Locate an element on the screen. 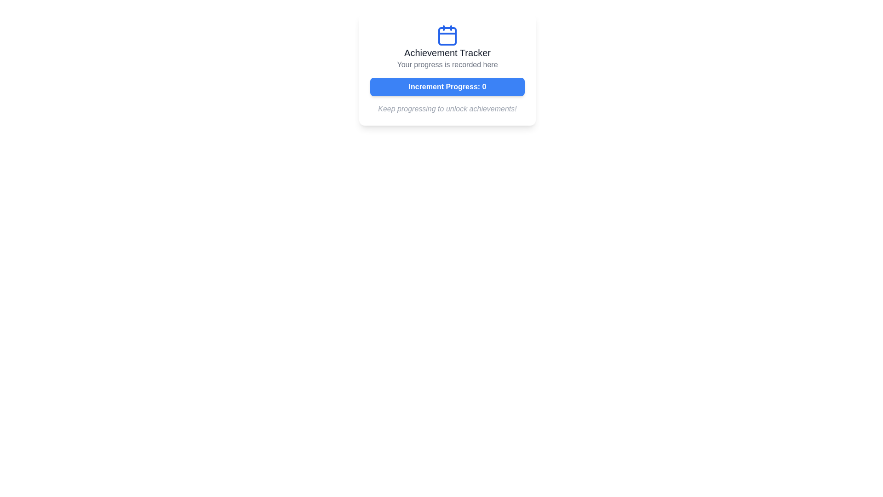 The width and height of the screenshot is (883, 497). the Text label that provides descriptive information about the progress recording, located directly below the 'Achievement Tracker' title and above the 'Increment Progress: 0' button is located at coordinates (447, 64).